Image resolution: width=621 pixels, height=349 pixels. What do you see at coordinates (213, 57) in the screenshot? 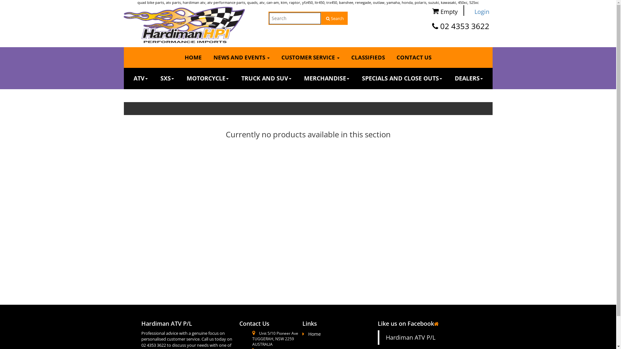
I see `'NEWS AND EVENTS'` at bounding box center [213, 57].